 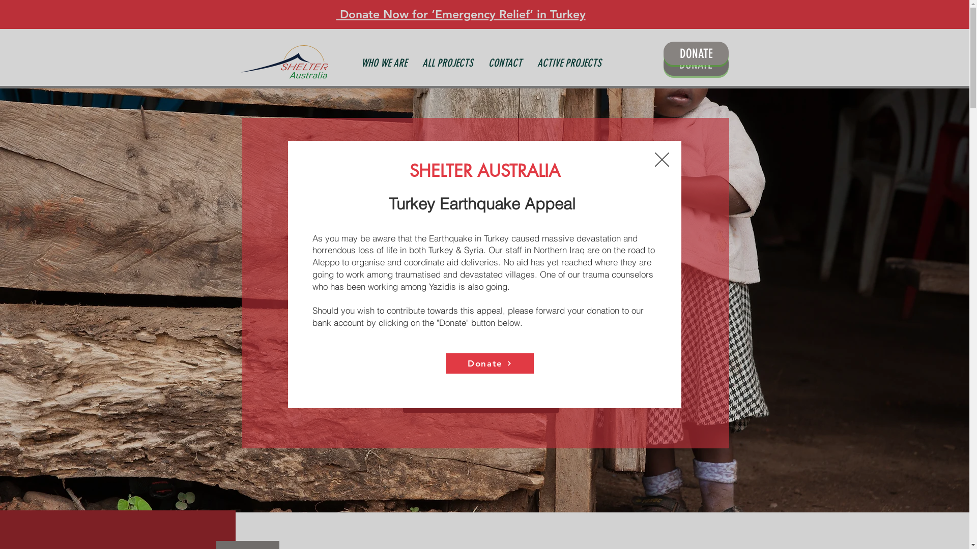 What do you see at coordinates (568, 63) in the screenshot?
I see `'ACTIVE PROJECTS'` at bounding box center [568, 63].